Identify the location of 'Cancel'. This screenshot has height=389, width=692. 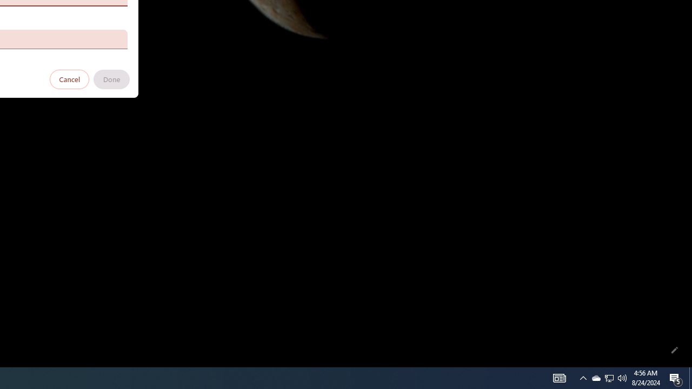
(69, 78).